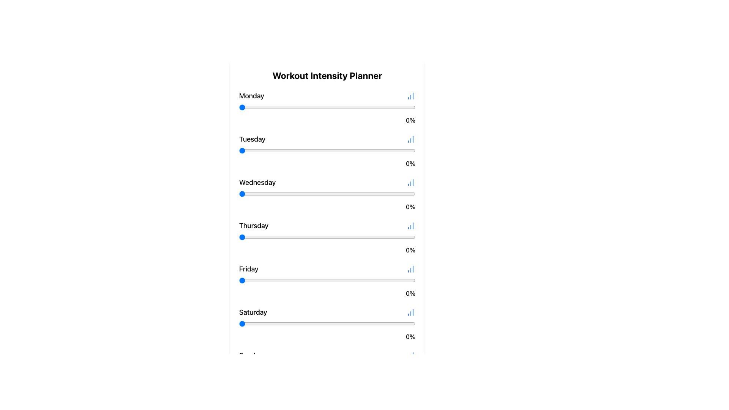  I want to click on Monday's intensity, so click(382, 107).